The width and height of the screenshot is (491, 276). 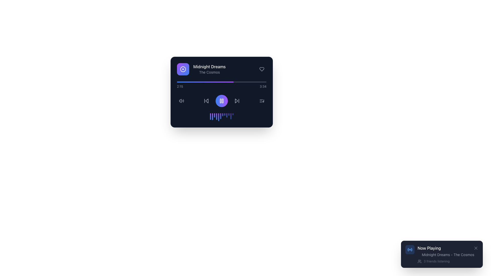 What do you see at coordinates (249, 82) in the screenshot?
I see `progress` at bounding box center [249, 82].